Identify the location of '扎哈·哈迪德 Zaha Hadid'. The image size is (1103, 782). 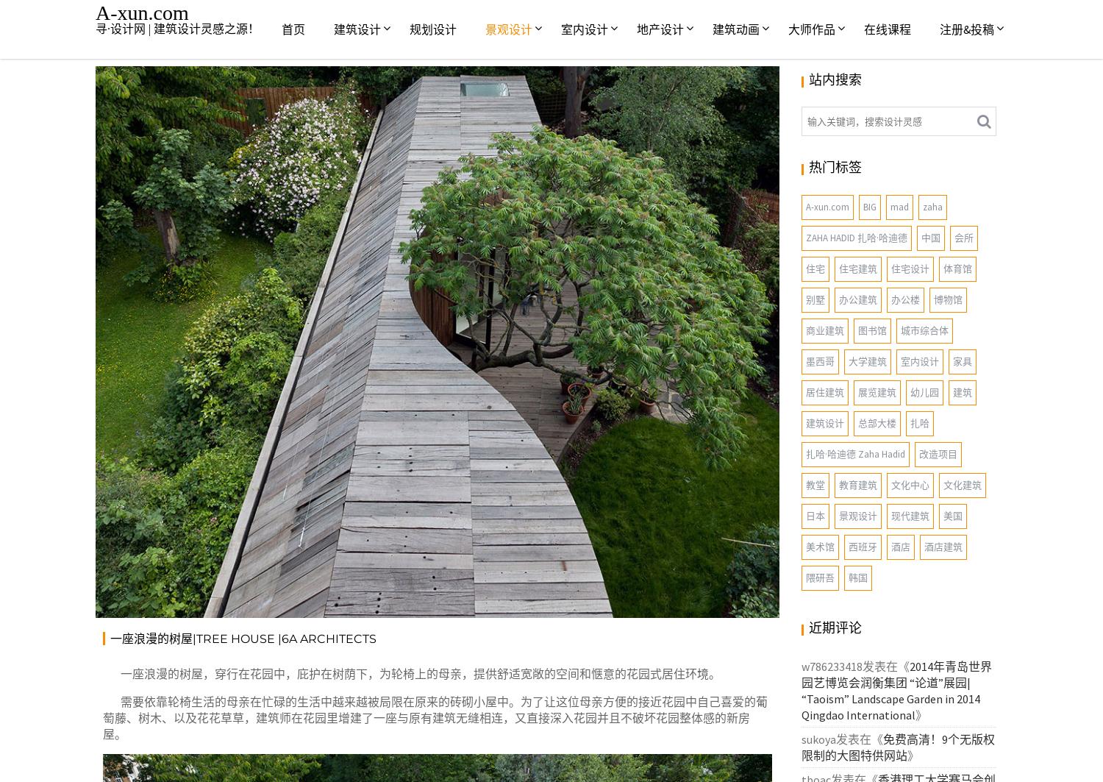
(855, 452).